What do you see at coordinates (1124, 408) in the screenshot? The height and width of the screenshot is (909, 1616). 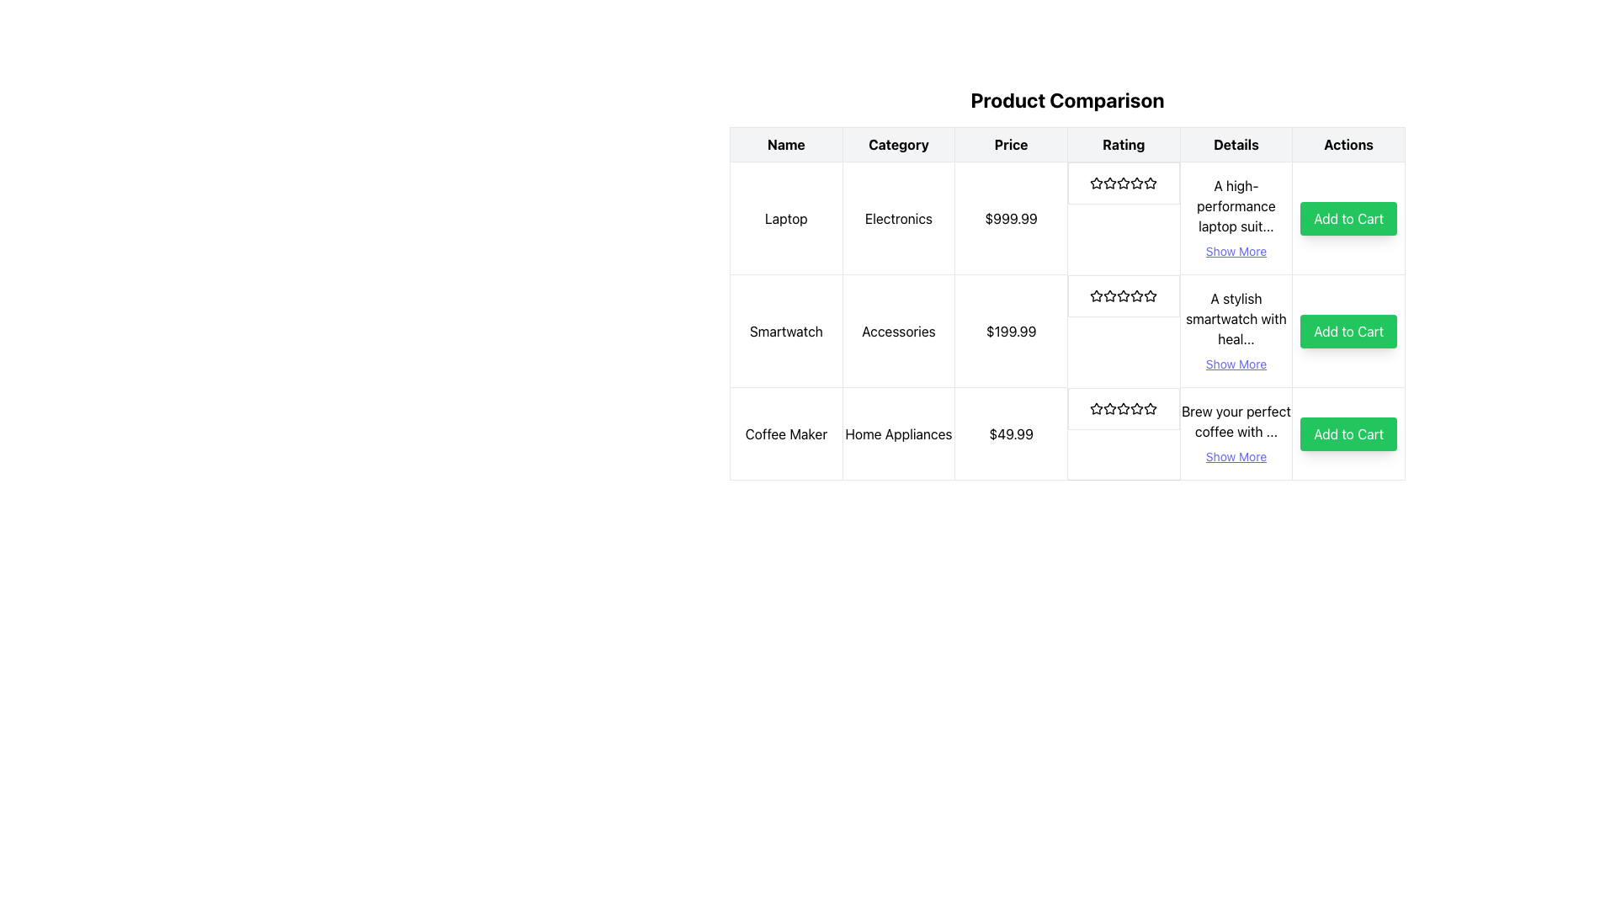 I see `the fourth star-shaped icon in the rating row of the third product in the product comparison table, which represents ratings` at bounding box center [1124, 408].